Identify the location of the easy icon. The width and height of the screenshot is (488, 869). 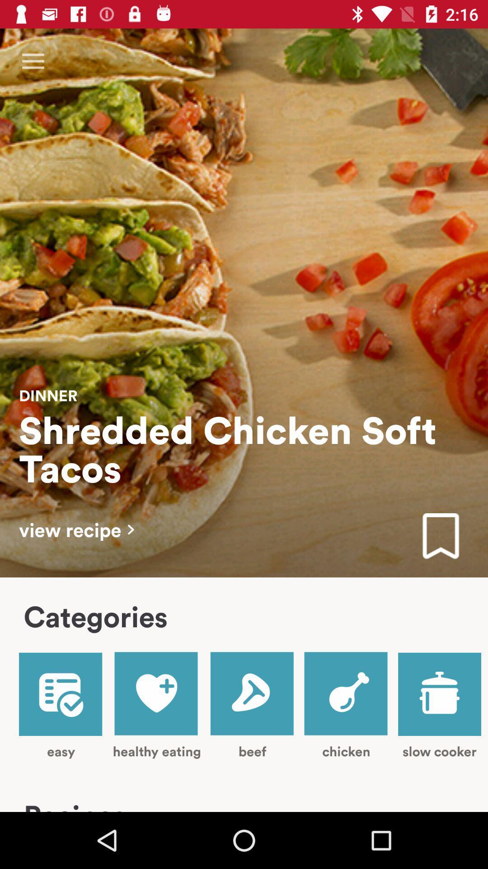
(61, 706).